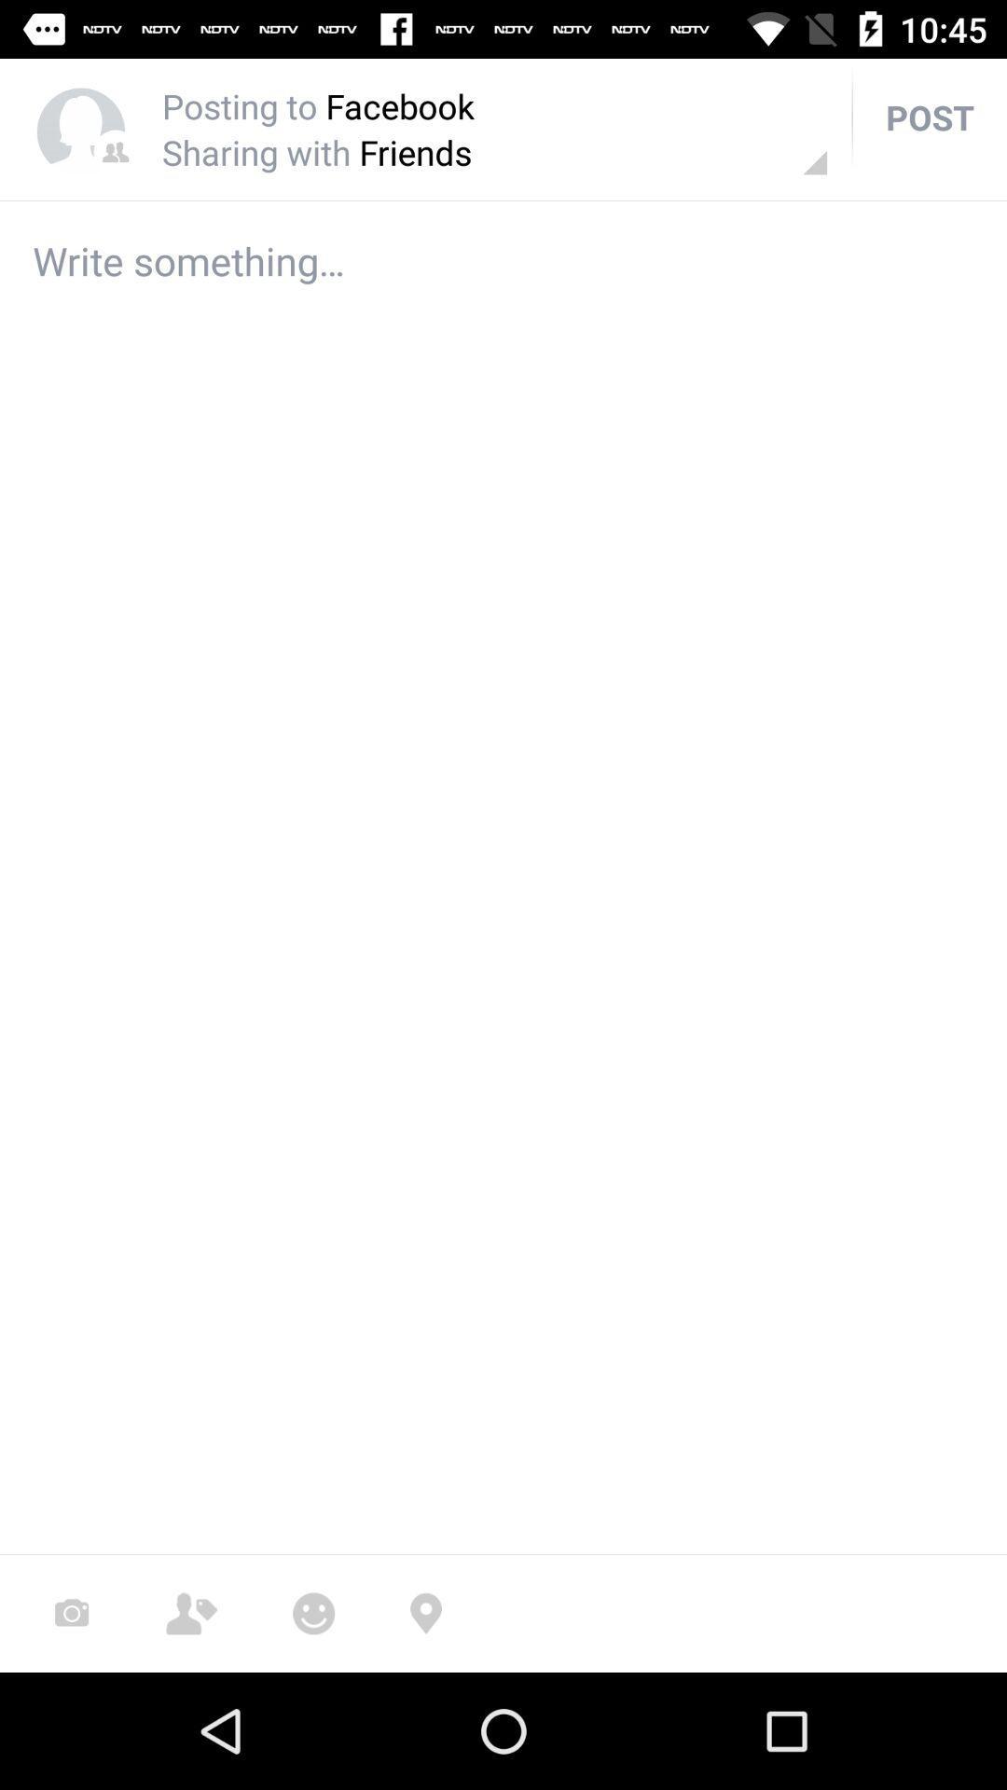 The image size is (1007, 1790). What do you see at coordinates (425, 1613) in the screenshot?
I see `the location icon` at bounding box center [425, 1613].